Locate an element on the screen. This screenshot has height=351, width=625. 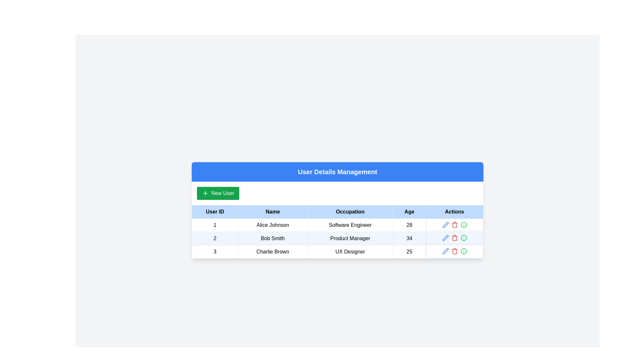
the text label displaying the user's name in the third row of the data table, located under the 'Name' column, which is between 'Bob Smith' and the 'UX Designer' column is located at coordinates (273, 251).